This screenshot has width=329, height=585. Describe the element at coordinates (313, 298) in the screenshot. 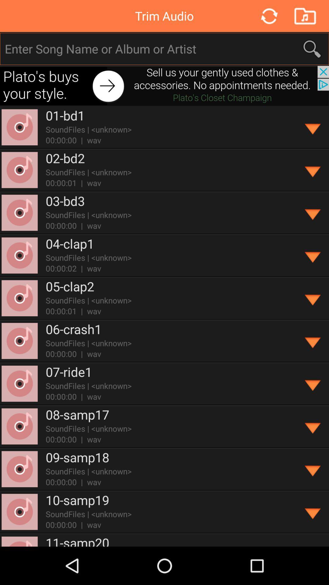

I see `deploy information and options` at that location.